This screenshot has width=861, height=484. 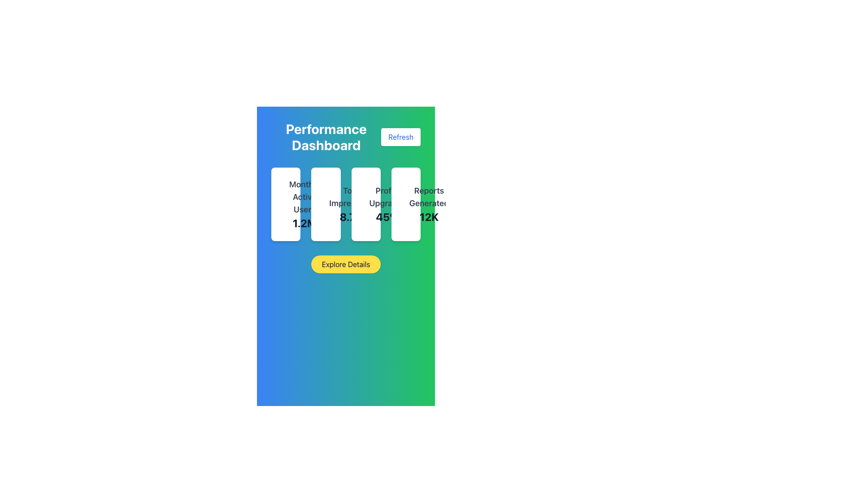 What do you see at coordinates (345, 204) in the screenshot?
I see `metrics displayed in the entire grid layout located beneath the 'Performance Dashboard' heading and above the 'Explore Details' button` at bounding box center [345, 204].